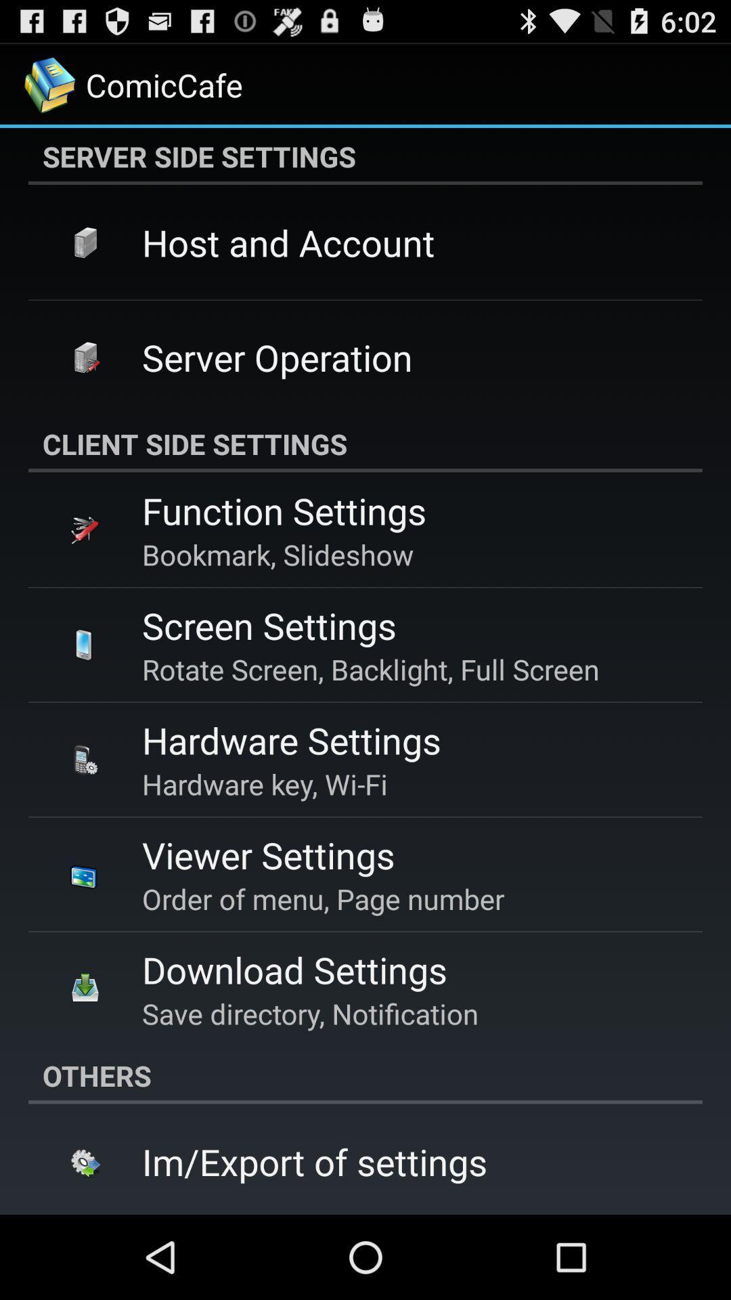  What do you see at coordinates (288, 242) in the screenshot?
I see `the host and account` at bounding box center [288, 242].